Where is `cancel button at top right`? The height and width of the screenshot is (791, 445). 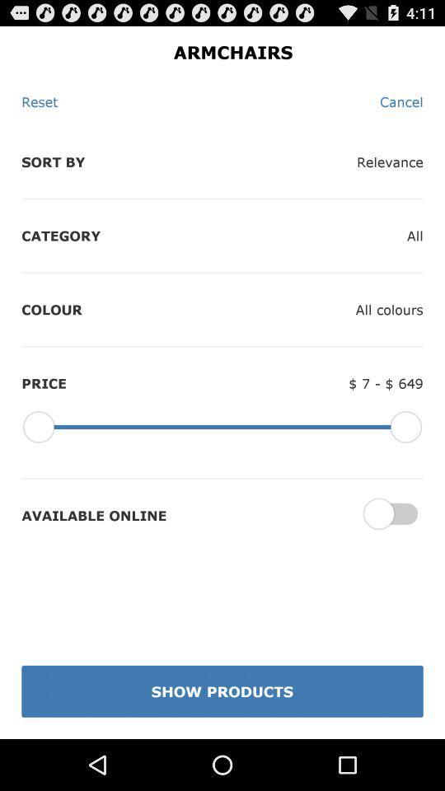
cancel button at top right is located at coordinates (400, 101).